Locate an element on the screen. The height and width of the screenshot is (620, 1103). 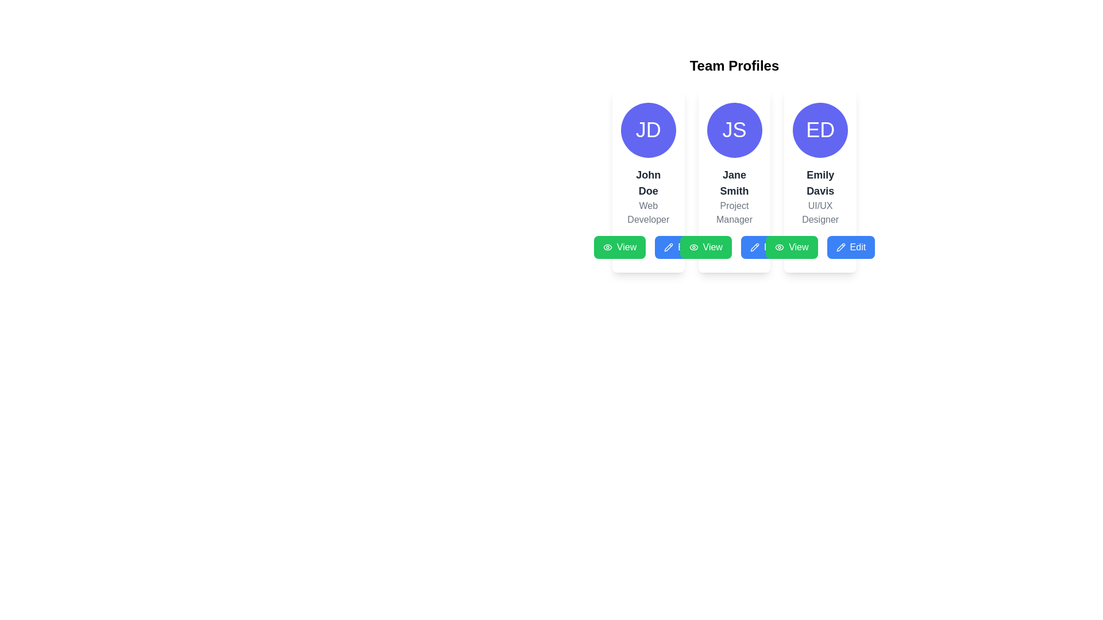
the viewing icon located to the left of the 'View' button is located at coordinates (693, 247).